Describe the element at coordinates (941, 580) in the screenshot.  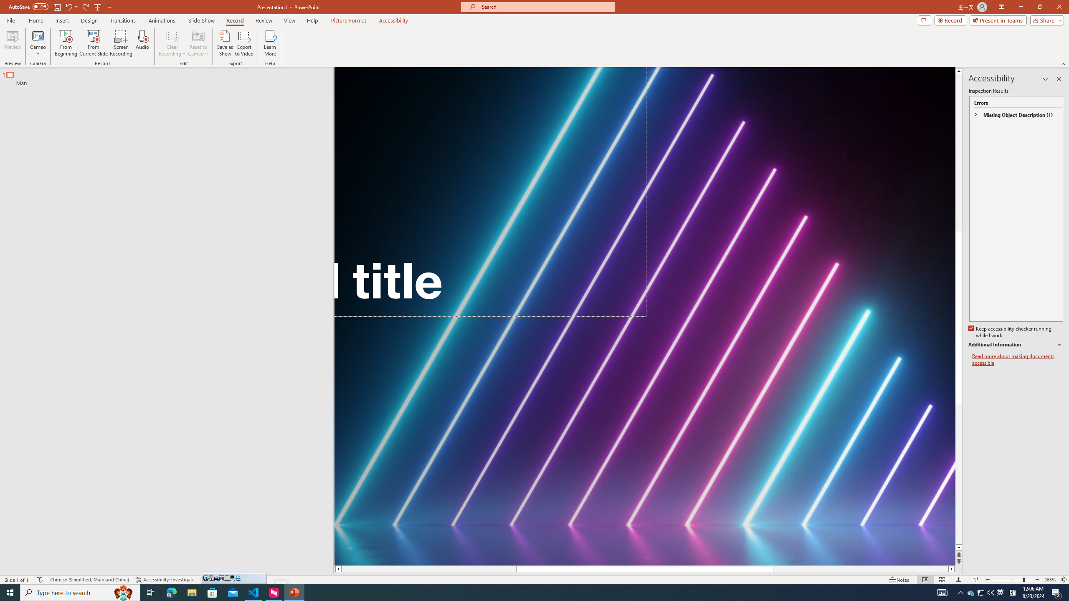
I see `'Slide Sorter'` at that location.